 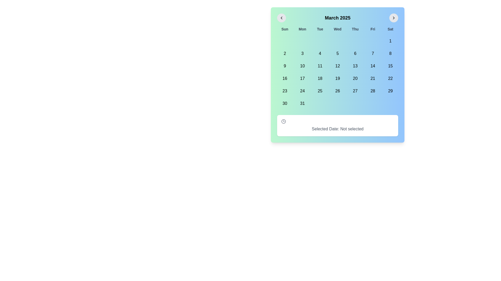 What do you see at coordinates (284, 53) in the screenshot?
I see `the round-edged square button labeled '2' in the calendar grid` at bounding box center [284, 53].